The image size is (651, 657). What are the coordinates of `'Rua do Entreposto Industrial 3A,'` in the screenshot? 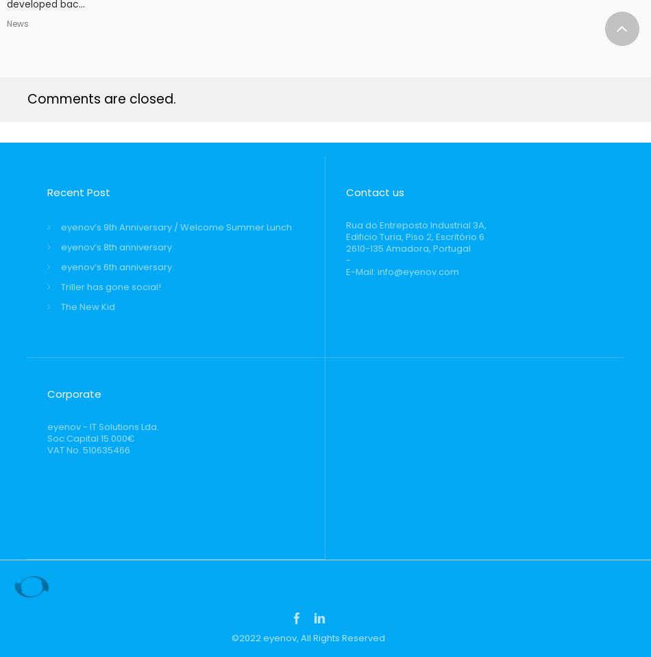 It's located at (416, 224).